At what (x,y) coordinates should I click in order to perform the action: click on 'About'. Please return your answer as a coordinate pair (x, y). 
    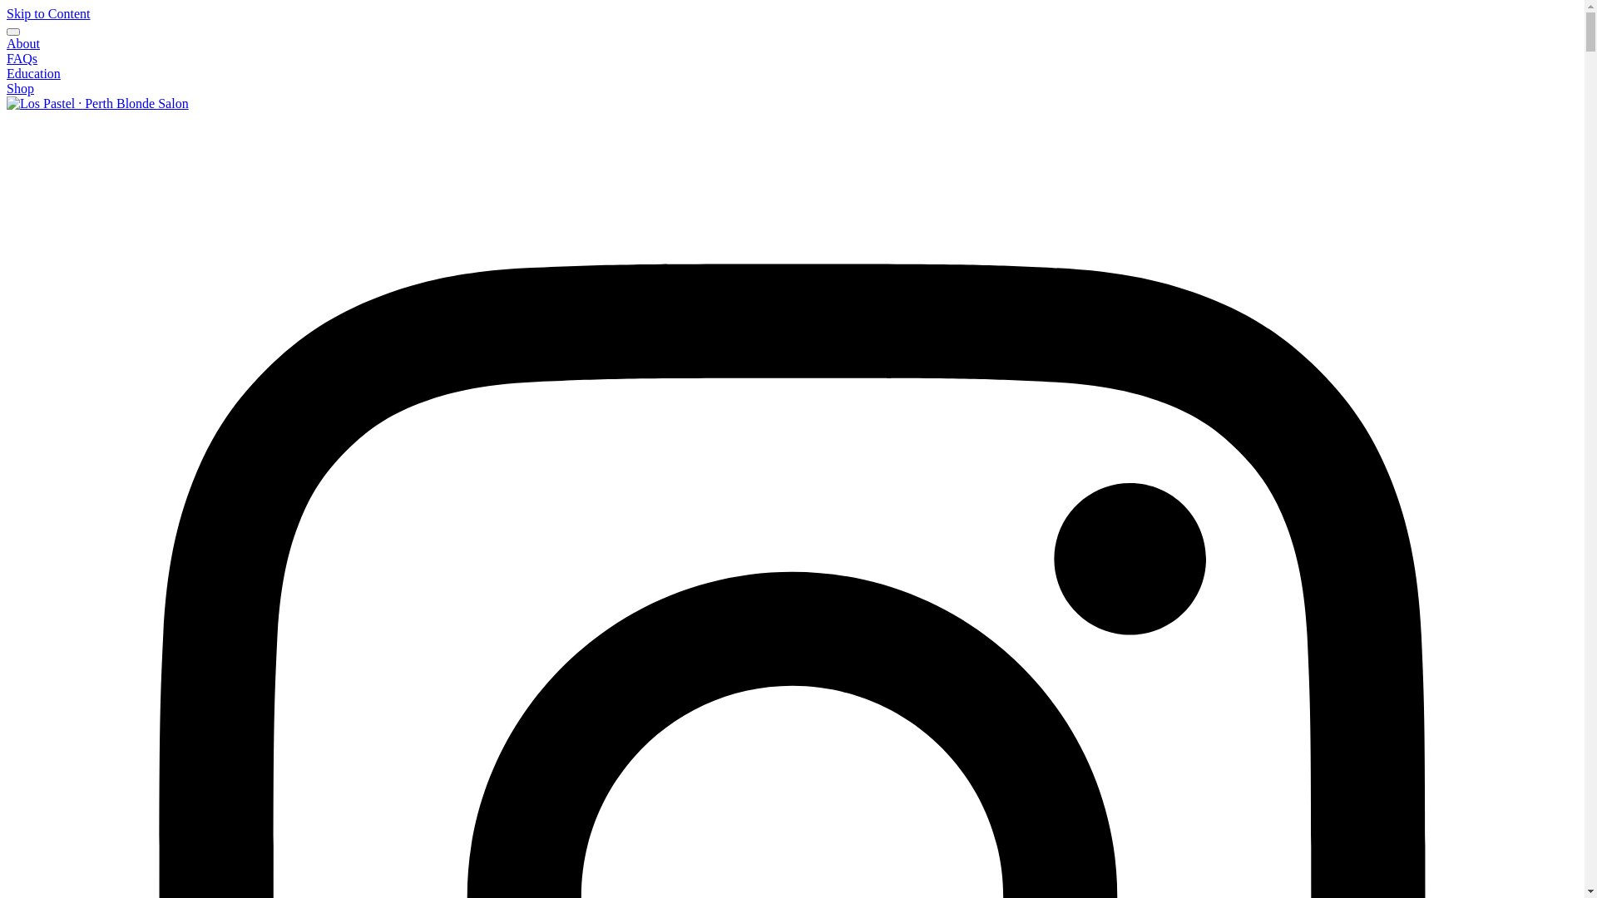
    Looking at the image, I should click on (23, 42).